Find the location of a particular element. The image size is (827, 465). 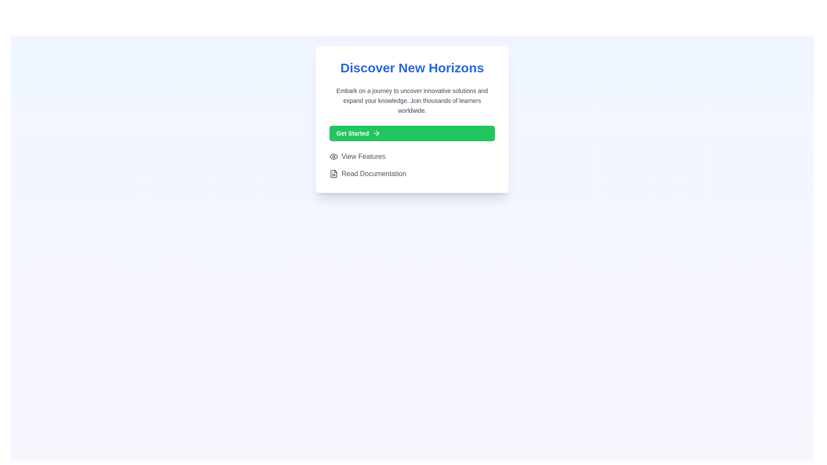

the text label located to the right of the eye icon is located at coordinates (364, 157).